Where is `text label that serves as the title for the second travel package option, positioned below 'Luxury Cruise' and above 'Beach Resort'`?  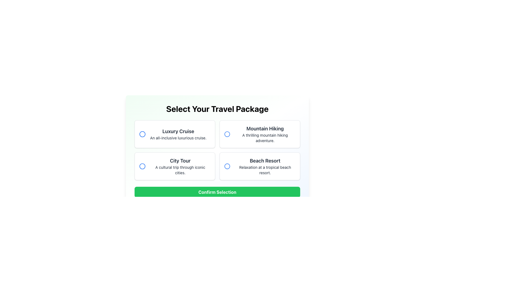 text label that serves as the title for the second travel package option, positioned below 'Luxury Cruise' and above 'Beach Resort' is located at coordinates (180, 160).